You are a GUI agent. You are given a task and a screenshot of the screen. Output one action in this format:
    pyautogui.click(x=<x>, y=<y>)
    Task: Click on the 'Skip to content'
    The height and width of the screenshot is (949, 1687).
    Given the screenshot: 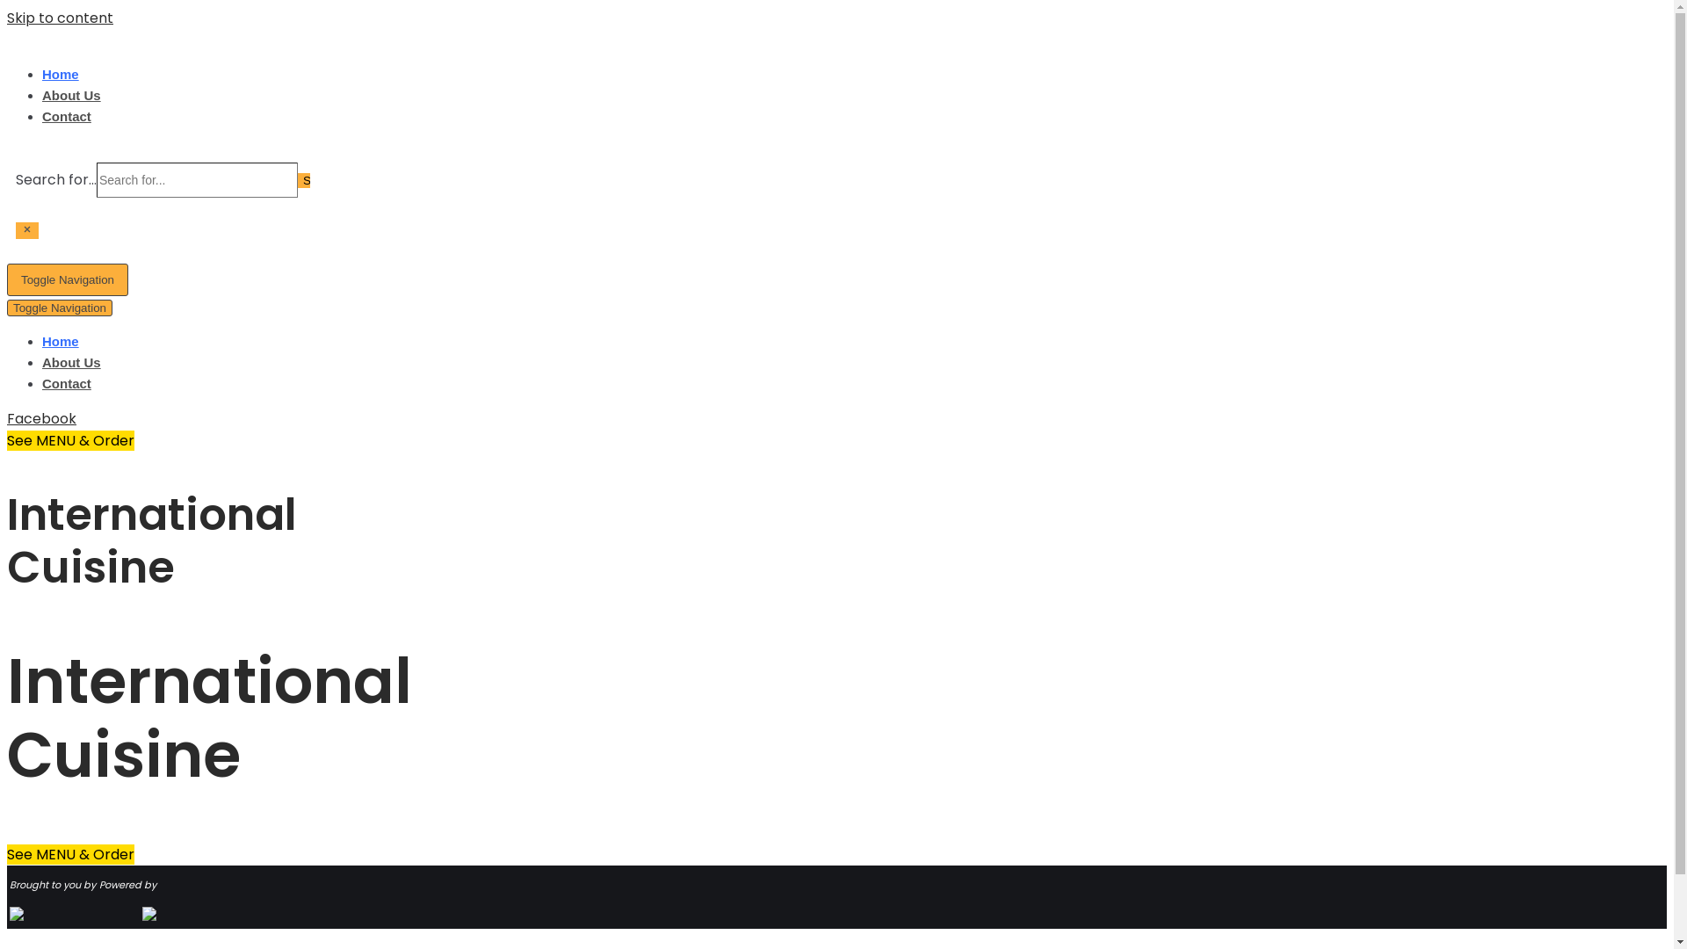 What is the action you would take?
    pyautogui.click(x=7, y=18)
    